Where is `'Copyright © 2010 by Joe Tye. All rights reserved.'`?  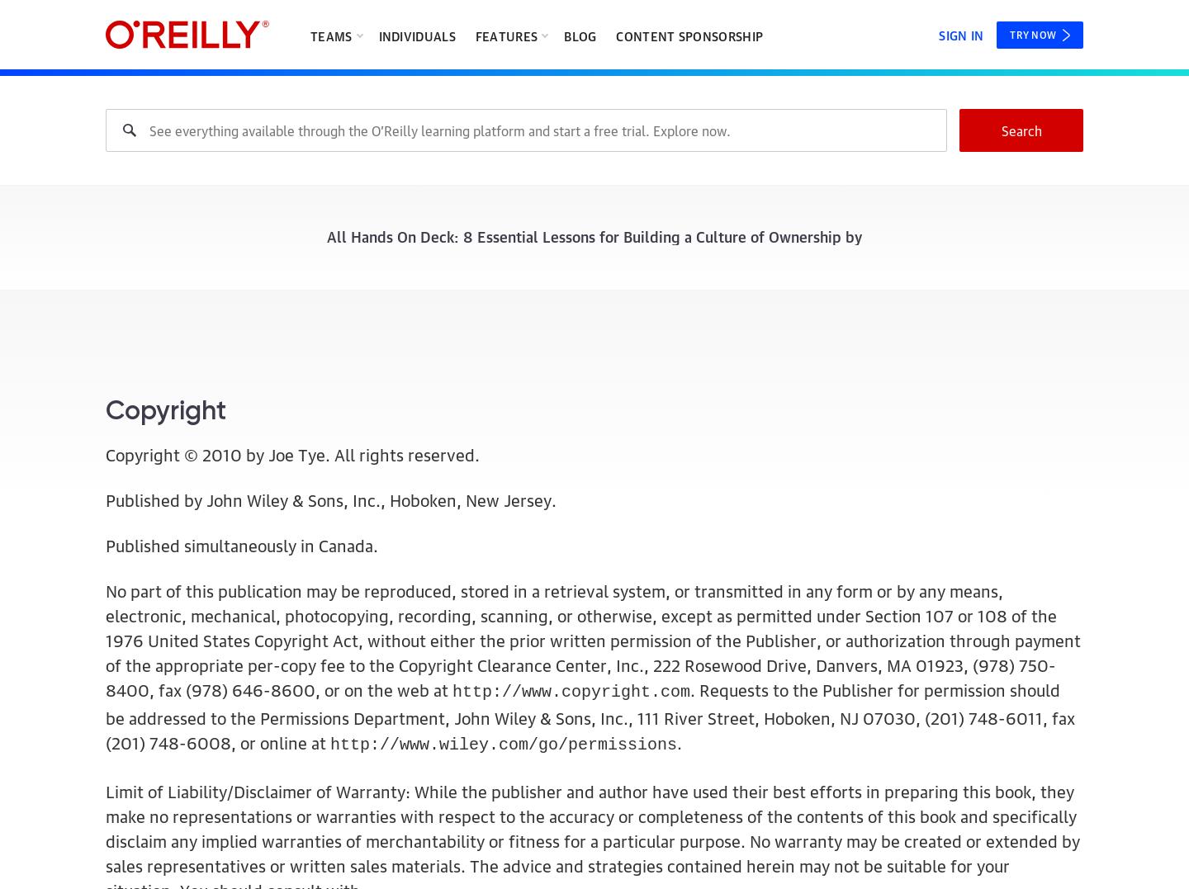
'Copyright © 2010 by Joe Tye. All rights reserved.' is located at coordinates (292, 454).